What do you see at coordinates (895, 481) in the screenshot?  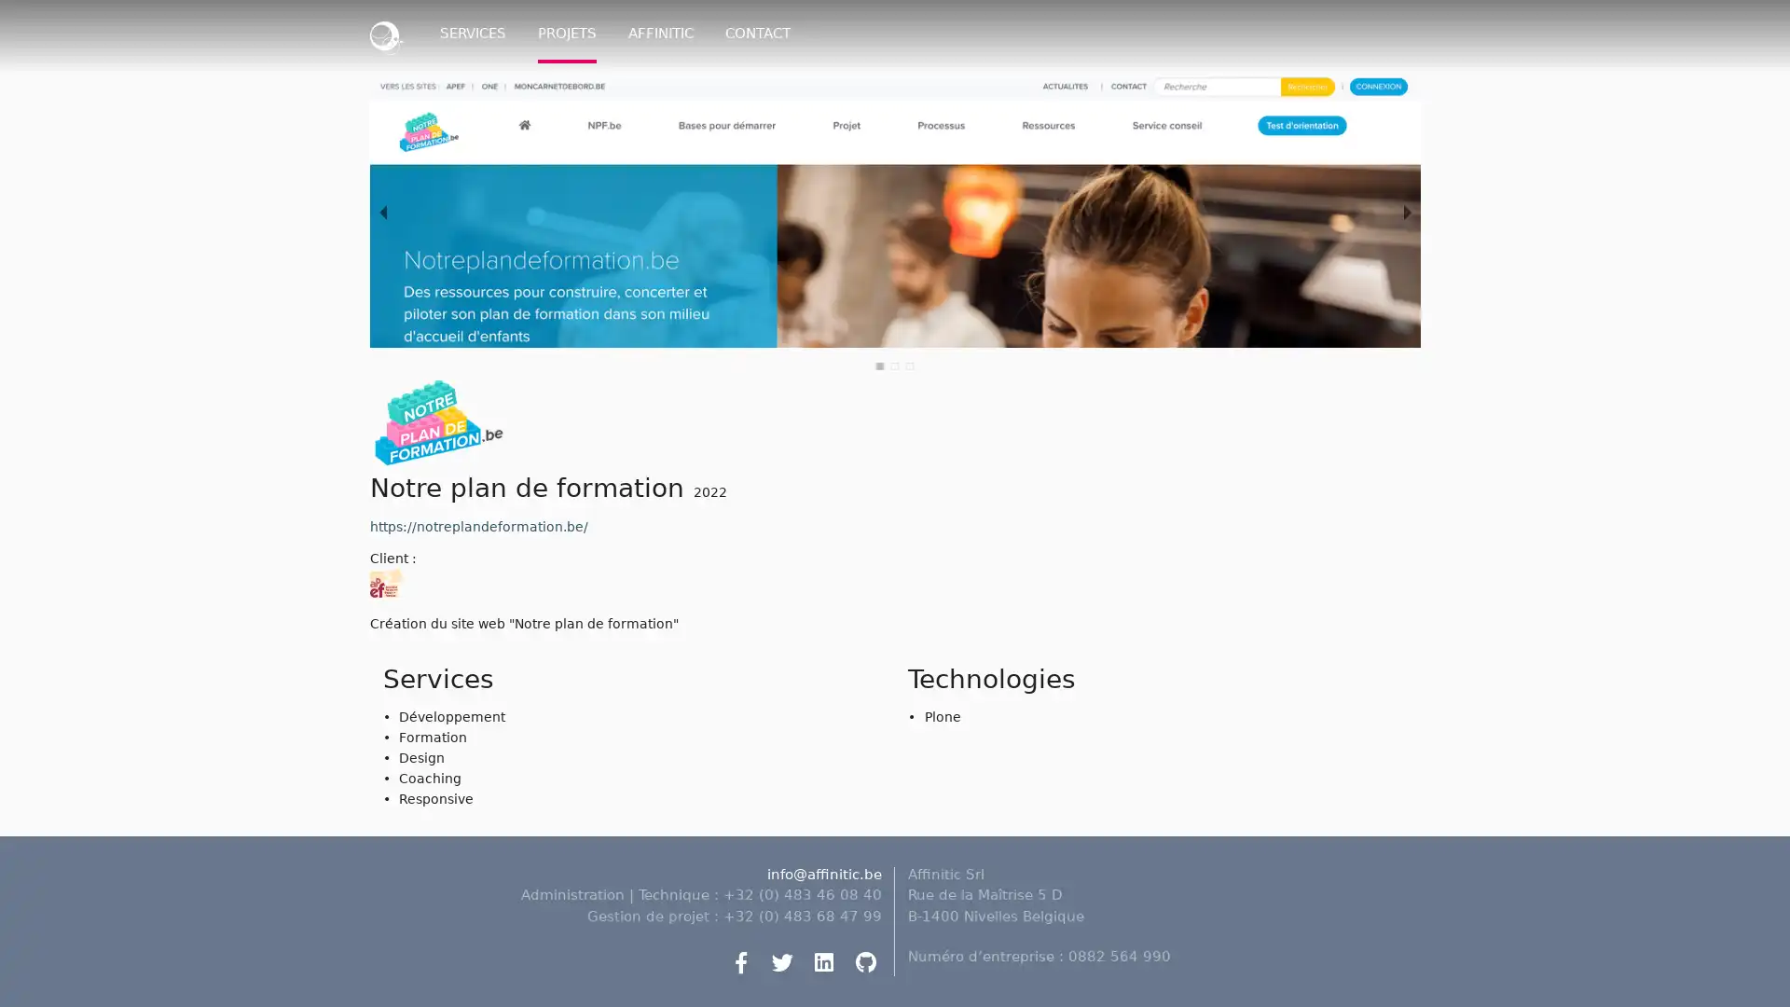 I see `slide item 2` at bounding box center [895, 481].